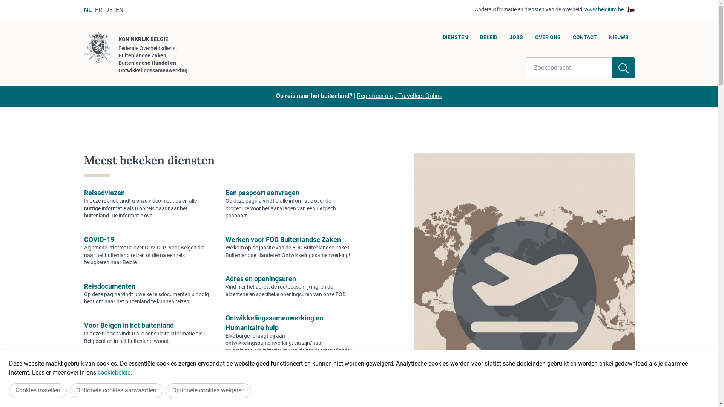  Describe the element at coordinates (515, 39) in the screenshot. I see `'JOBS'` at that location.